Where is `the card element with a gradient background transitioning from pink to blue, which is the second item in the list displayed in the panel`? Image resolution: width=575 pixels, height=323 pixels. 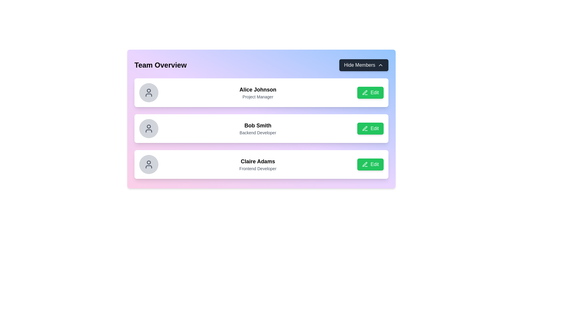 the card element with a gradient background transitioning from pink to blue, which is the second item in the list displayed in the panel is located at coordinates (261, 119).